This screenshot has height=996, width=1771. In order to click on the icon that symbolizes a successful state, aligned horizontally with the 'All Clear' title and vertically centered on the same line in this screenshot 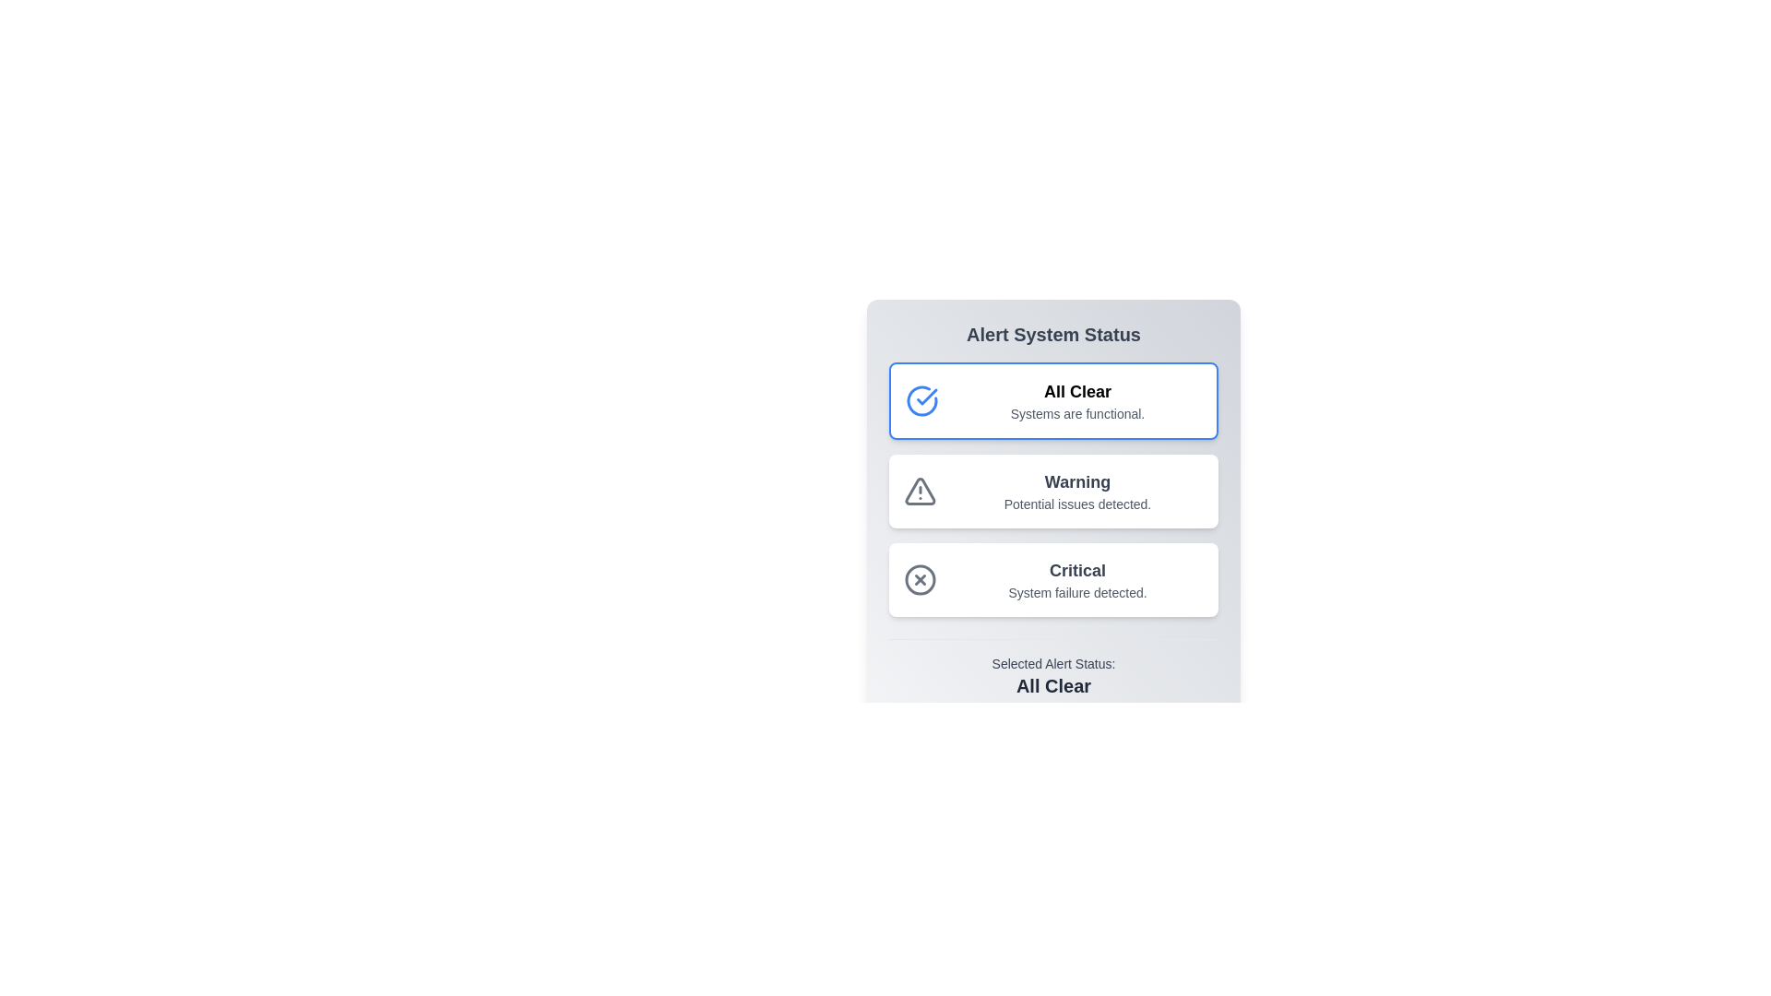, I will do `click(921, 400)`.